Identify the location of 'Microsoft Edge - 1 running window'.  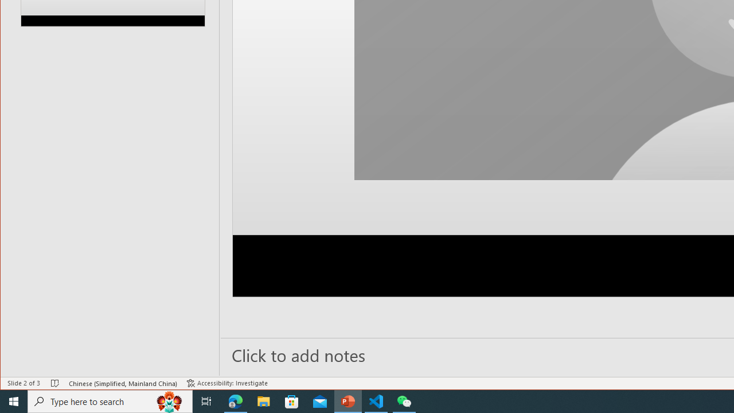
(235, 400).